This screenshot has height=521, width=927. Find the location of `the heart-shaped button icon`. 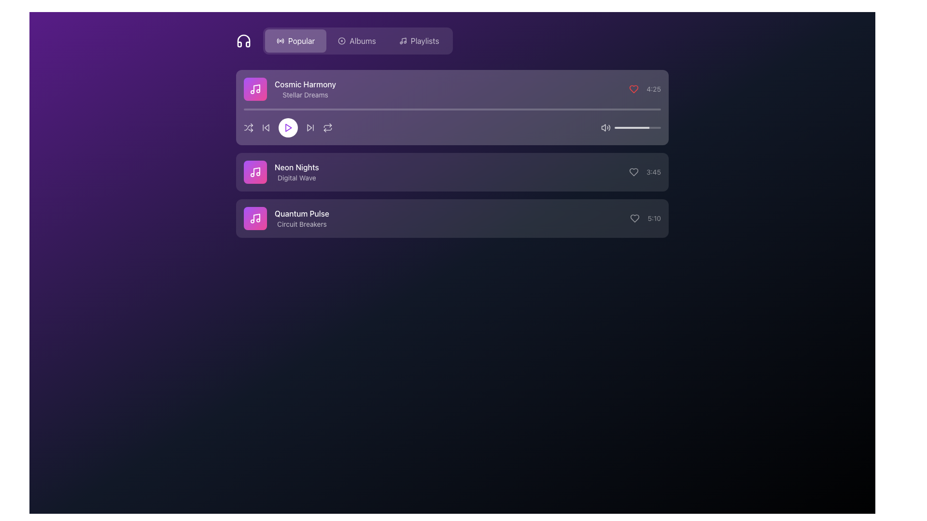

the heart-shaped button icon is located at coordinates (635, 218).